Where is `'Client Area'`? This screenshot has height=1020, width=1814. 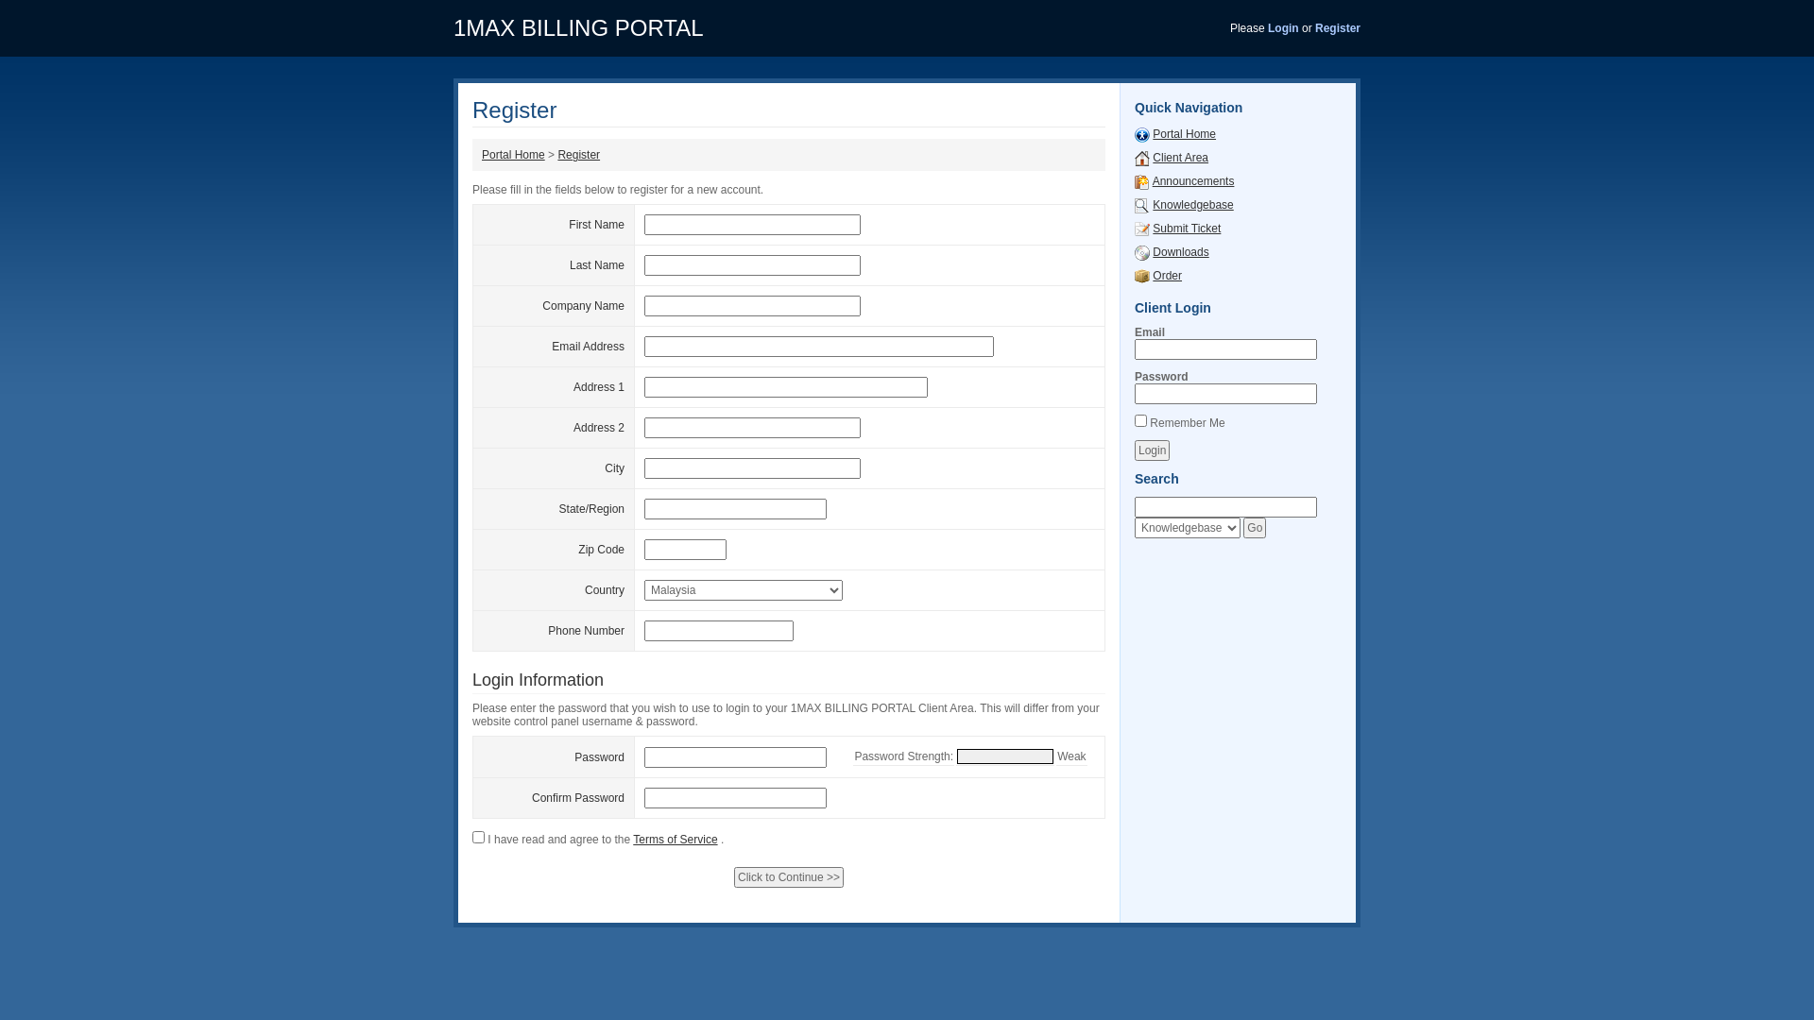
'Client Area' is located at coordinates (1179, 156).